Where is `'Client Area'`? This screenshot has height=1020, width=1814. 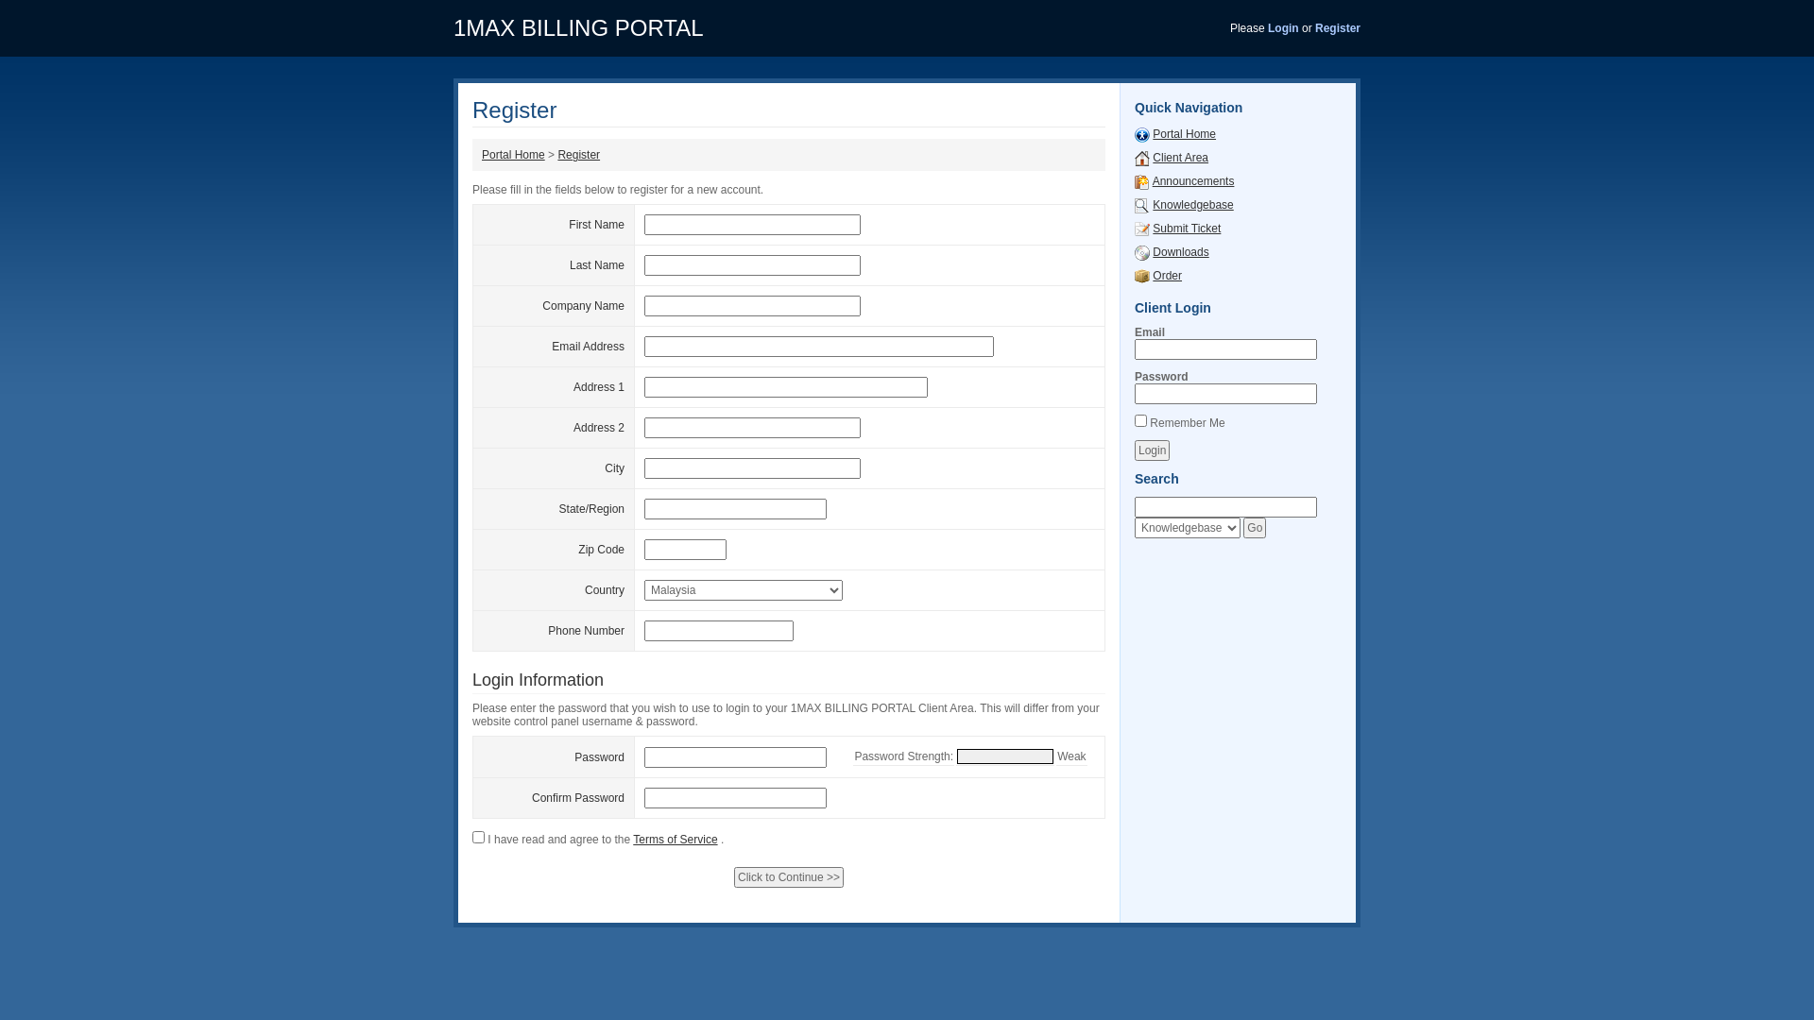
'Client Area' is located at coordinates (1179, 156).